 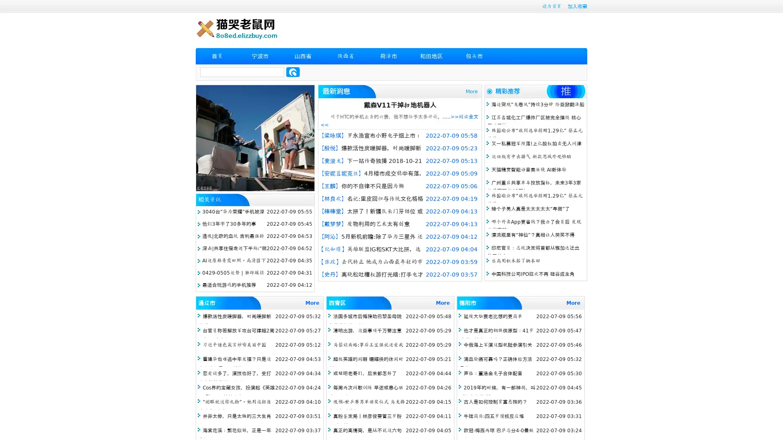 What do you see at coordinates (293, 72) in the screenshot?
I see `Search` at bounding box center [293, 72].